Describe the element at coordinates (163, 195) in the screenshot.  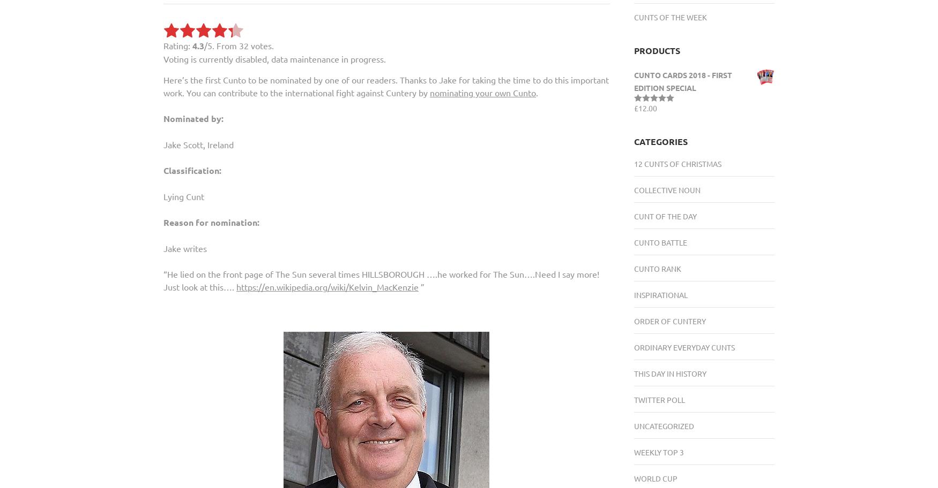
I see `'Lying Cunt'` at that location.